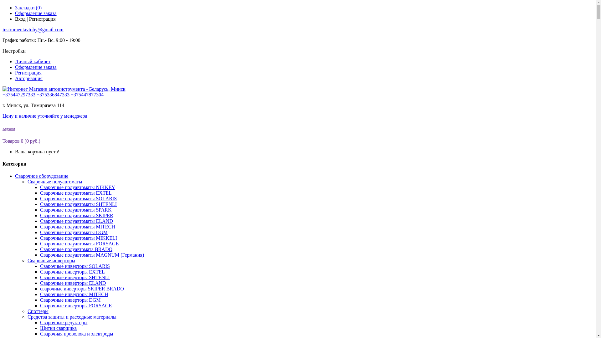 This screenshot has height=338, width=601. I want to click on '+375336847333', so click(53, 95).